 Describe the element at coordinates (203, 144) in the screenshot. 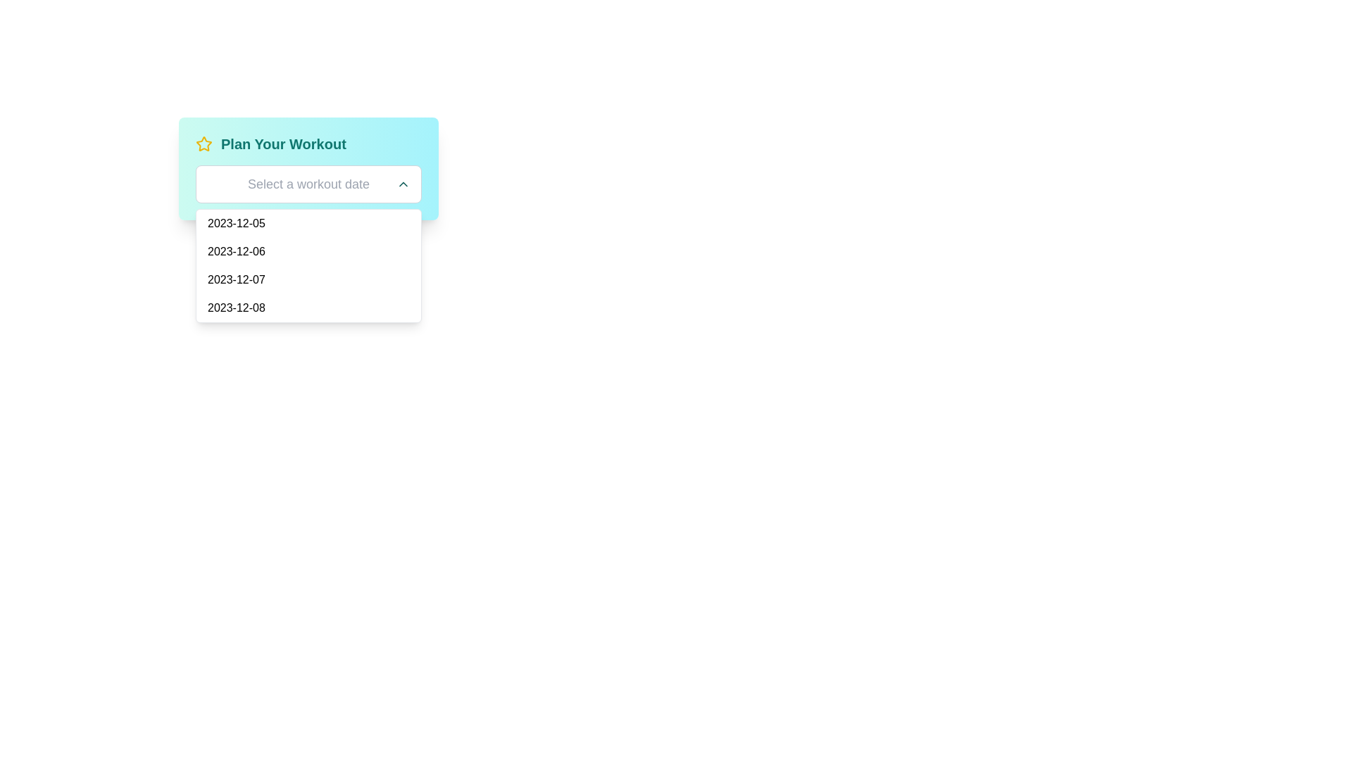

I see `the star icon that indicates importance for the text 'Plan Your Workout', positioned to the left of the text` at that location.